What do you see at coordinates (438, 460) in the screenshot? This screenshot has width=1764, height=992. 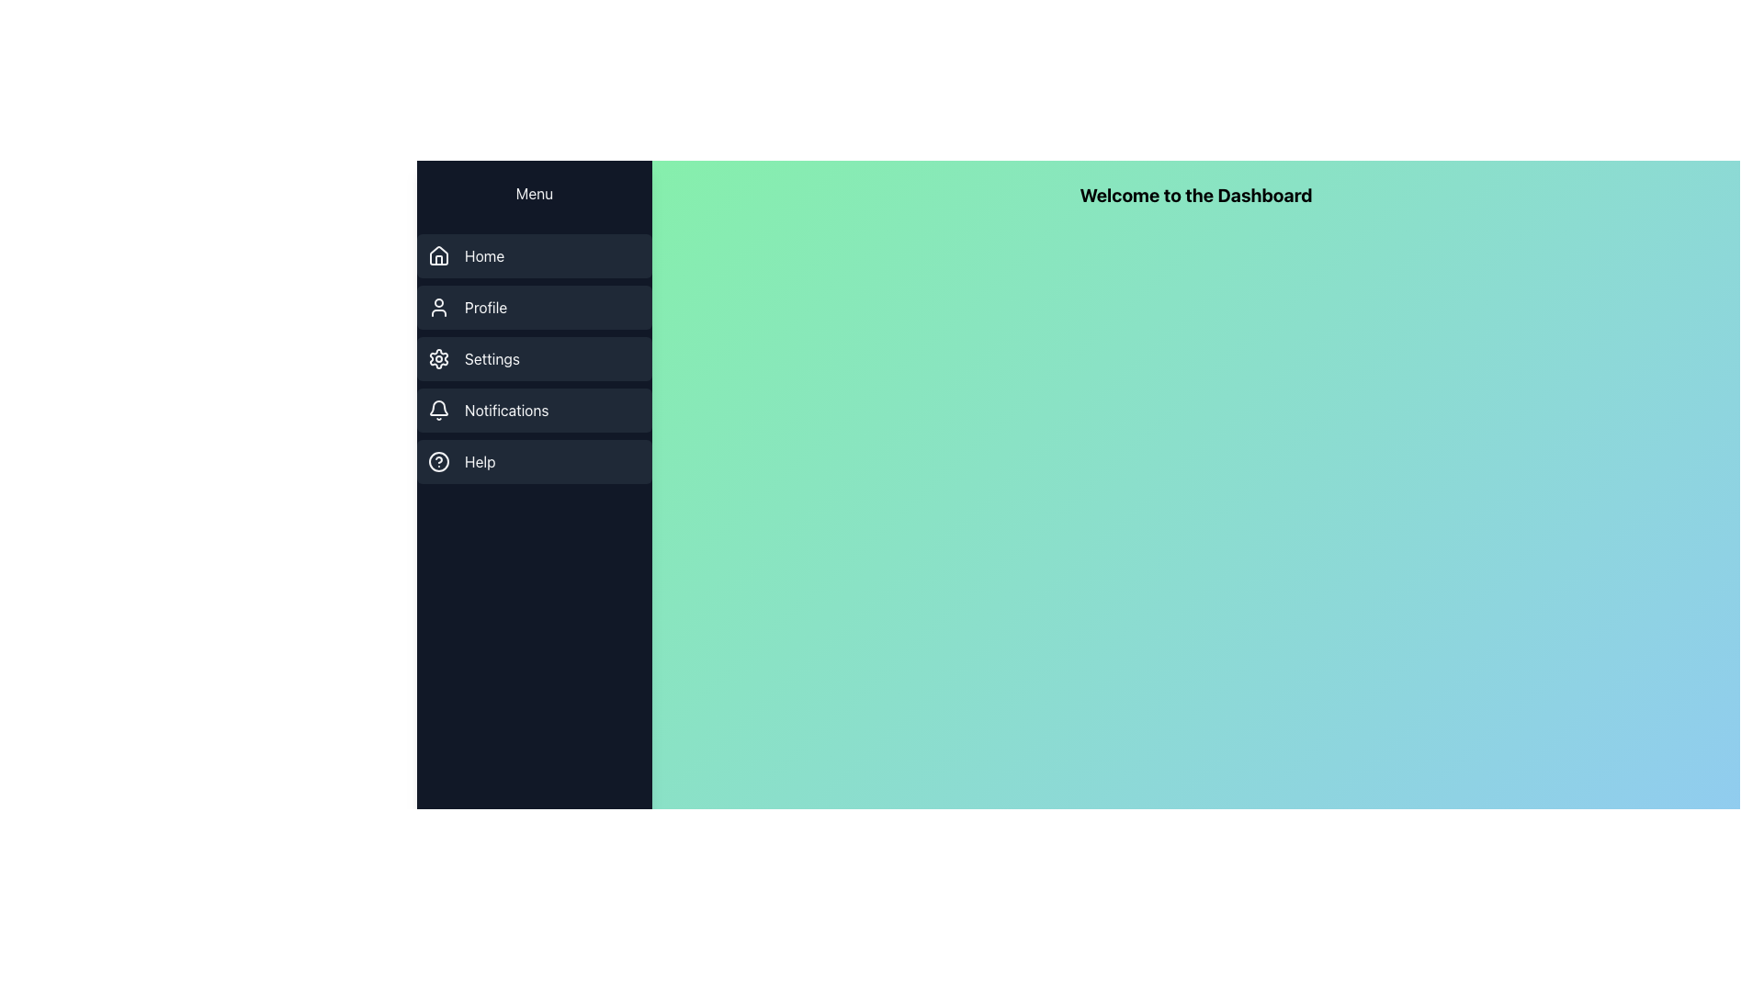 I see `the help icon, a circular icon with a question mark, located` at bounding box center [438, 460].